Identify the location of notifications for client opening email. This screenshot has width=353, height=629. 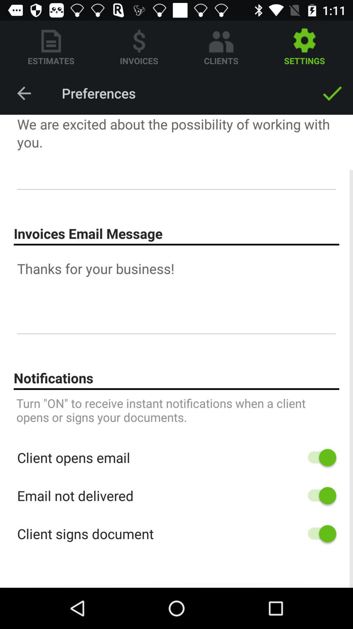
(318, 457).